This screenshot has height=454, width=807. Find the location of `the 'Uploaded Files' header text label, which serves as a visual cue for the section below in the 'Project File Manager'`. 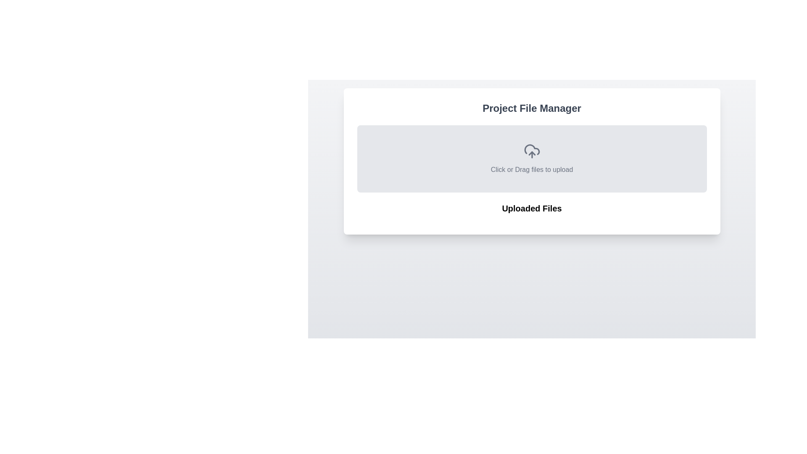

the 'Uploaded Files' header text label, which serves as a visual cue for the section below in the 'Project File Manager' is located at coordinates (531, 211).